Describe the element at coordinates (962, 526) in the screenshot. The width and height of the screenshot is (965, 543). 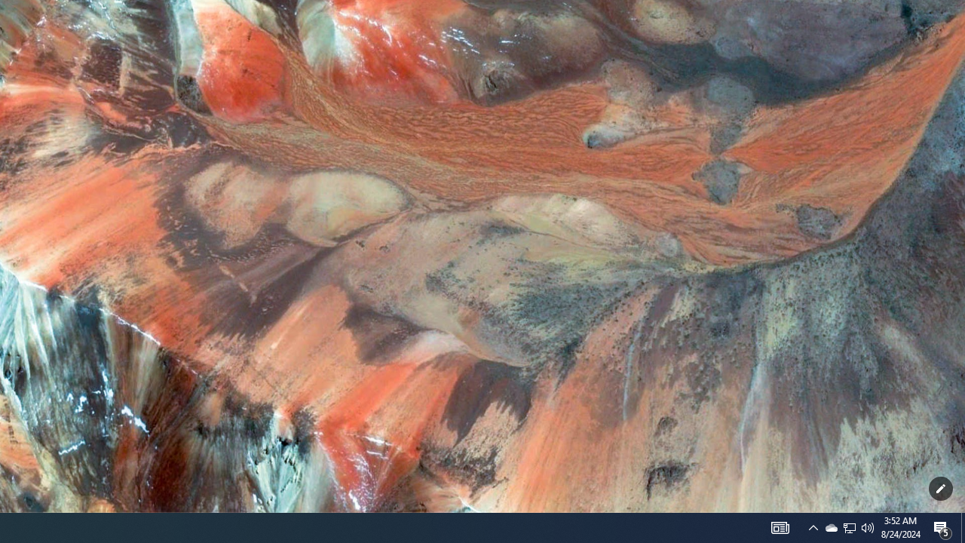
I see `'Show desktop'` at that location.